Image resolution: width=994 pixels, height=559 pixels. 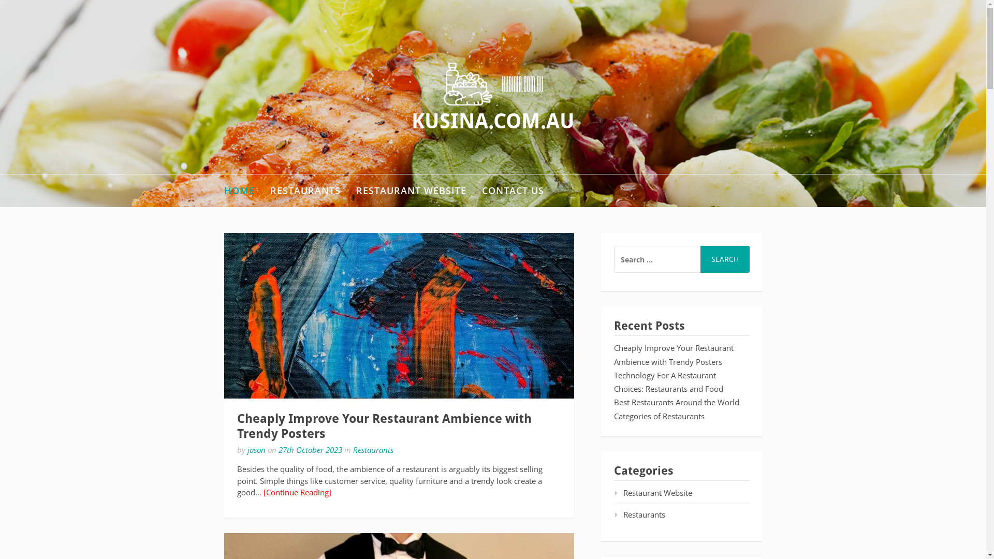 What do you see at coordinates (668, 389) in the screenshot?
I see `'Choices: Restaurants and Food'` at bounding box center [668, 389].